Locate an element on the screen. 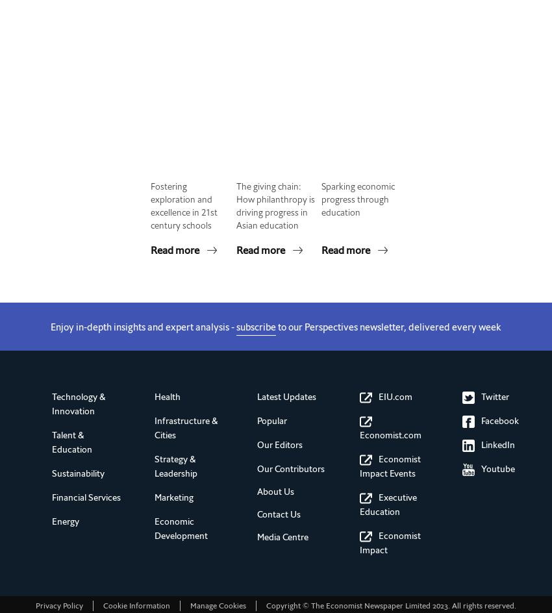 The width and height of the screenshot is (552, 613). 'Sustainability' is located at coordinates (77, 473).